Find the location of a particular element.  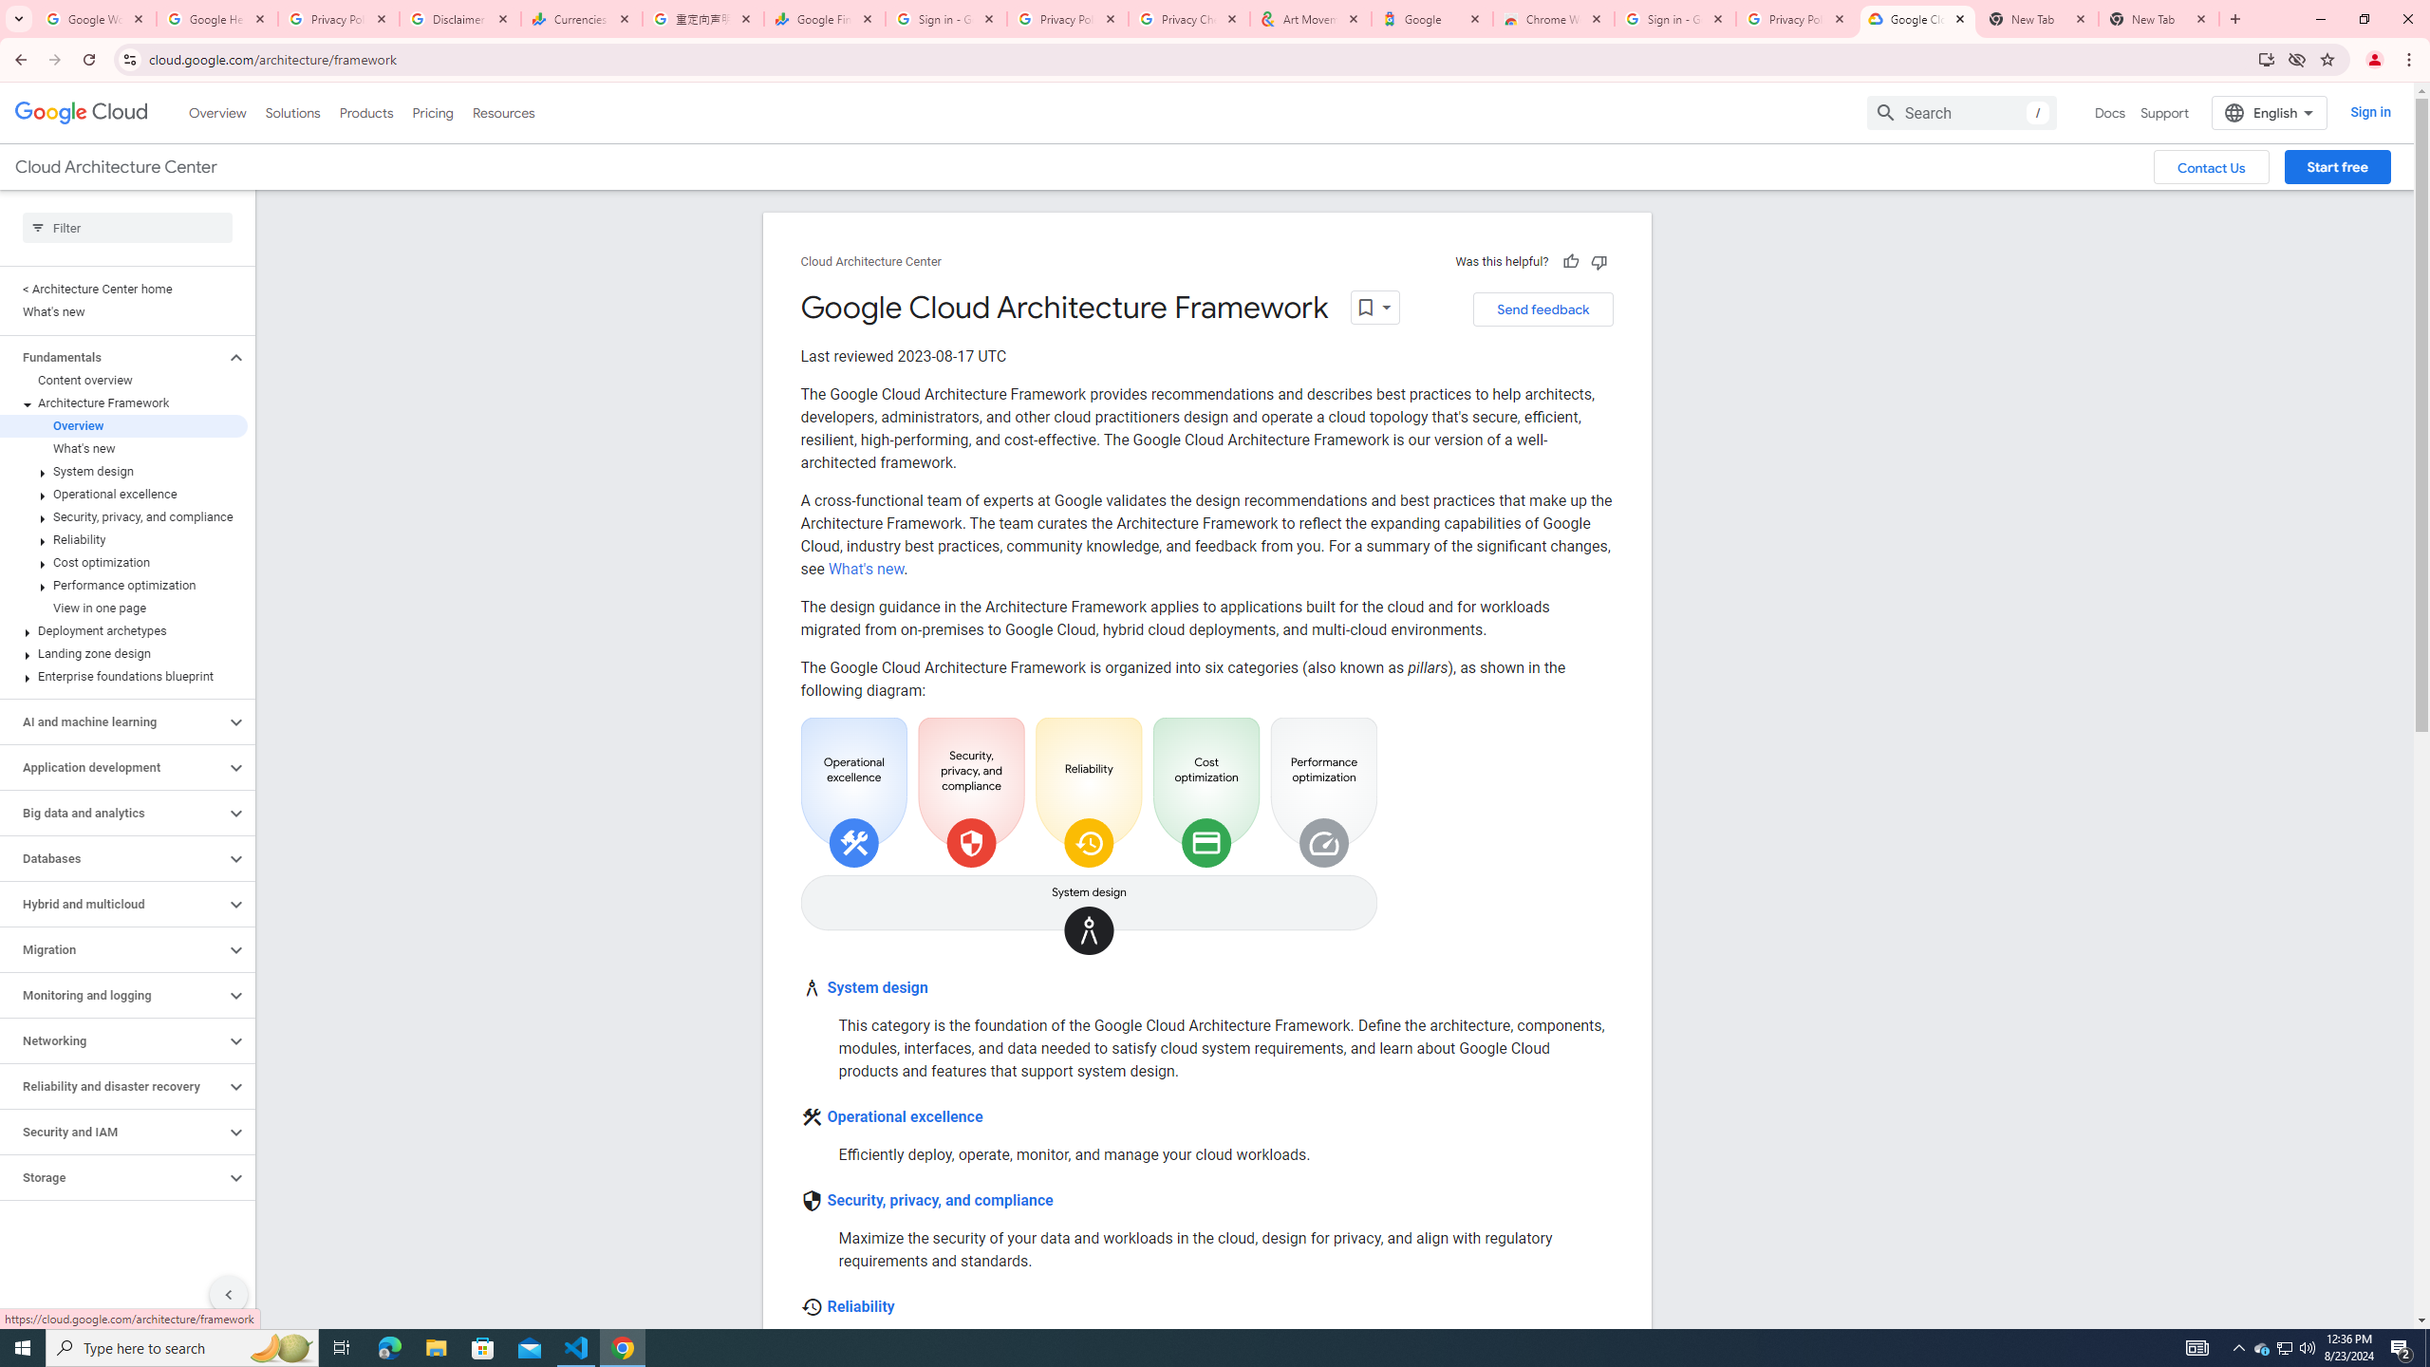

'Storage' is located at coordinates (112, 1177).